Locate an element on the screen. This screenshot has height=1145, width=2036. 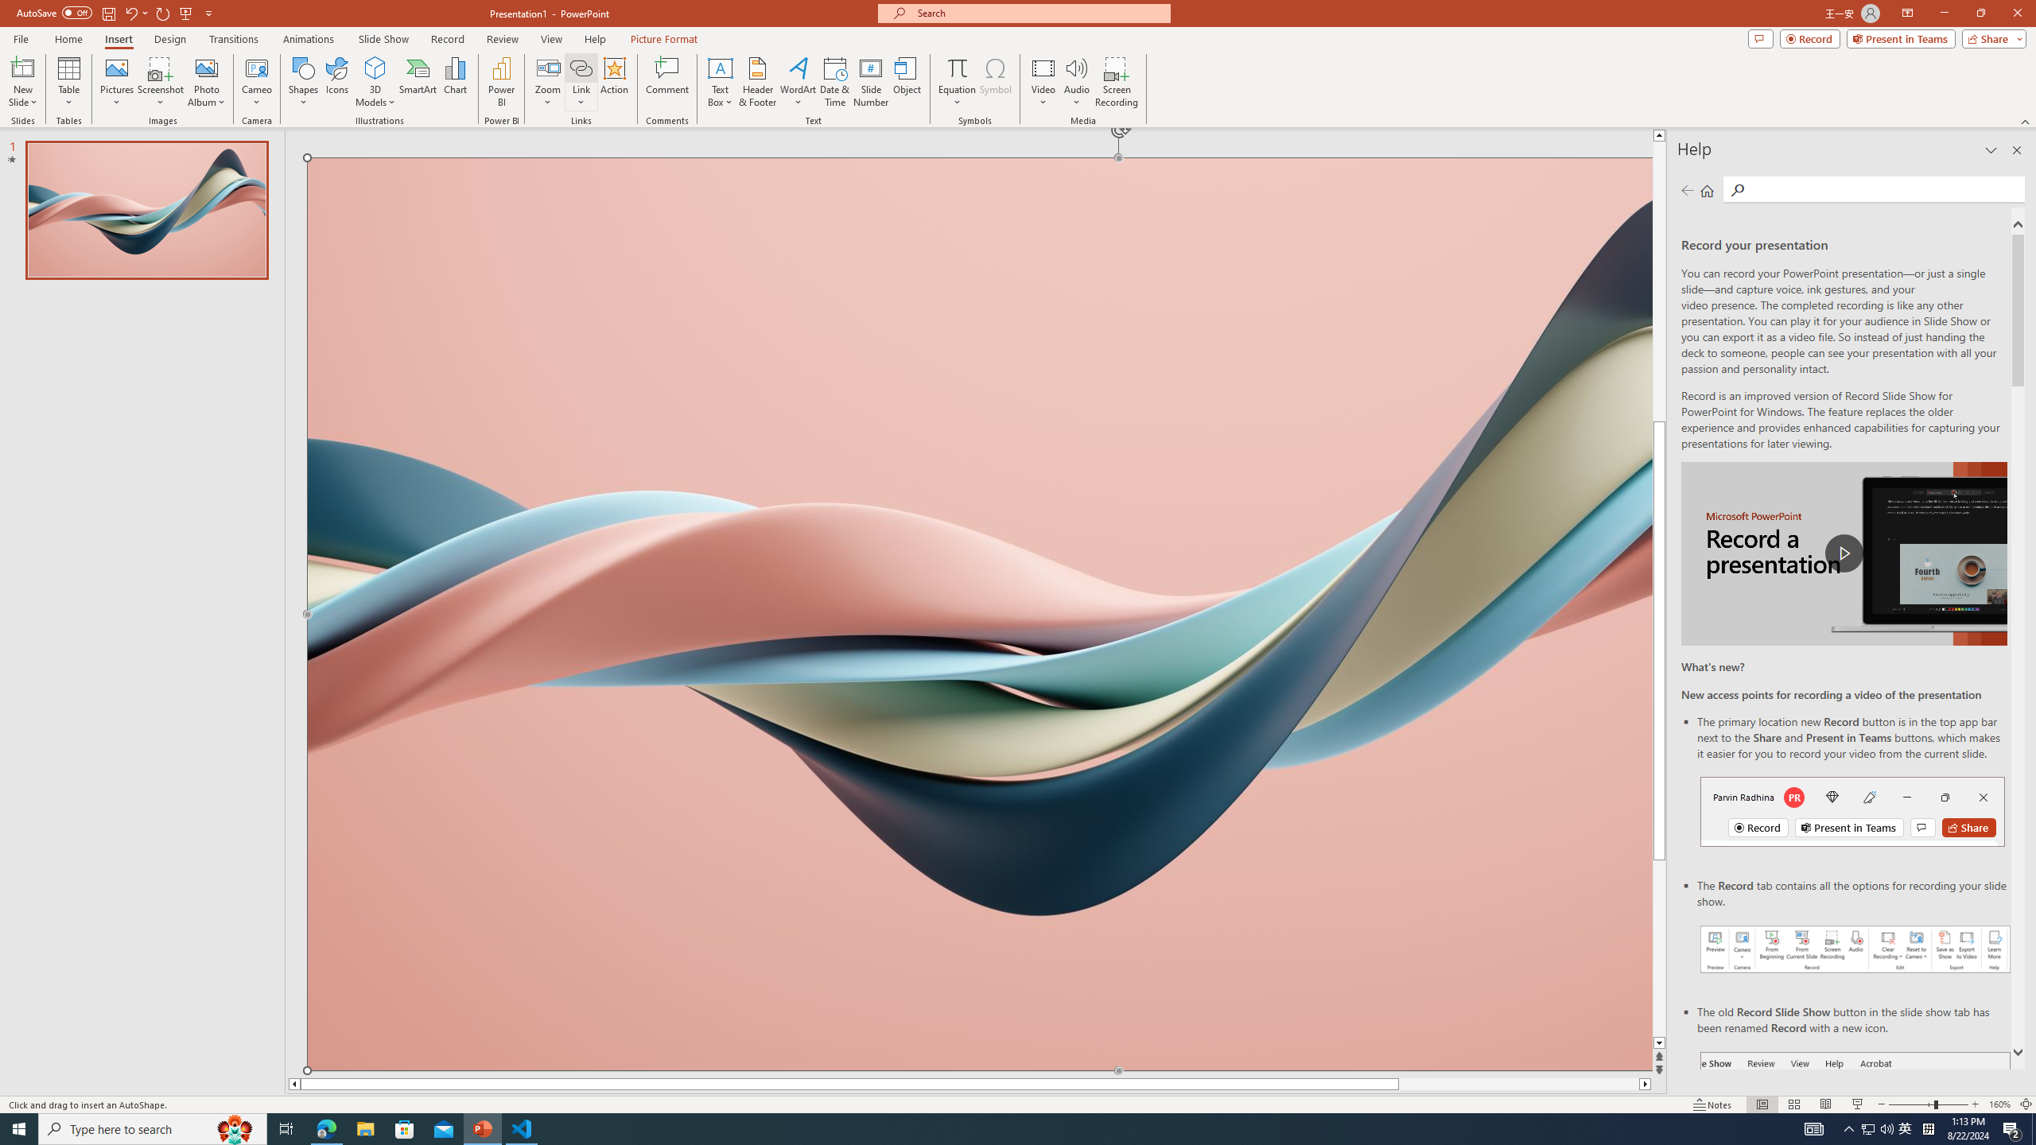
'Link' is located at coordinates (580, 67).